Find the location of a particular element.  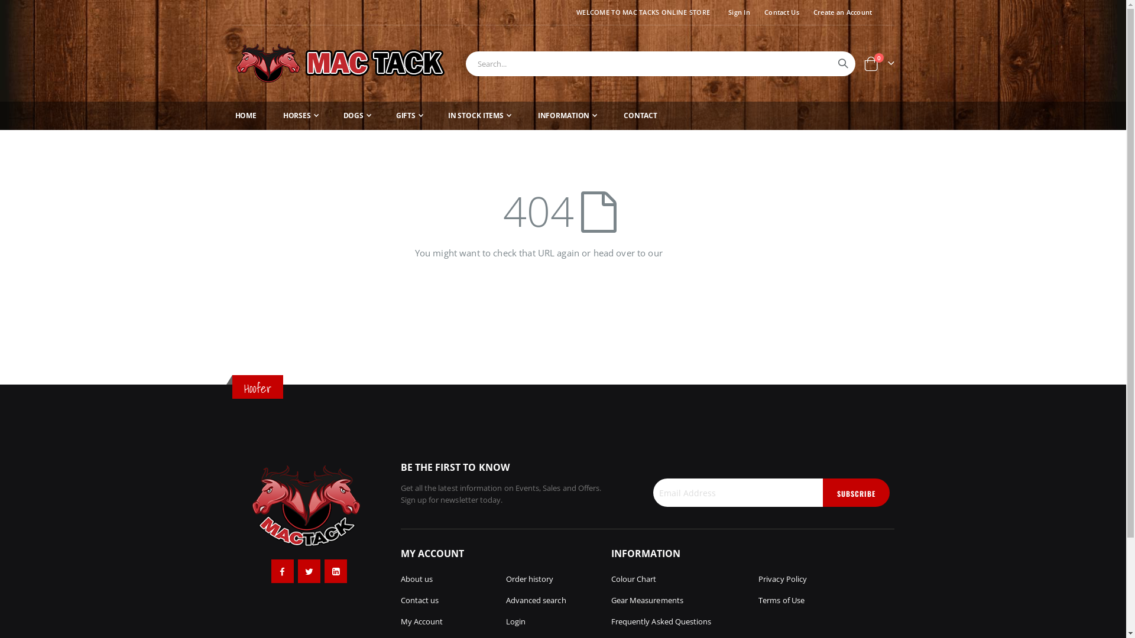

'IN STOCK ITEMS' is located at coordinates (479, 116).